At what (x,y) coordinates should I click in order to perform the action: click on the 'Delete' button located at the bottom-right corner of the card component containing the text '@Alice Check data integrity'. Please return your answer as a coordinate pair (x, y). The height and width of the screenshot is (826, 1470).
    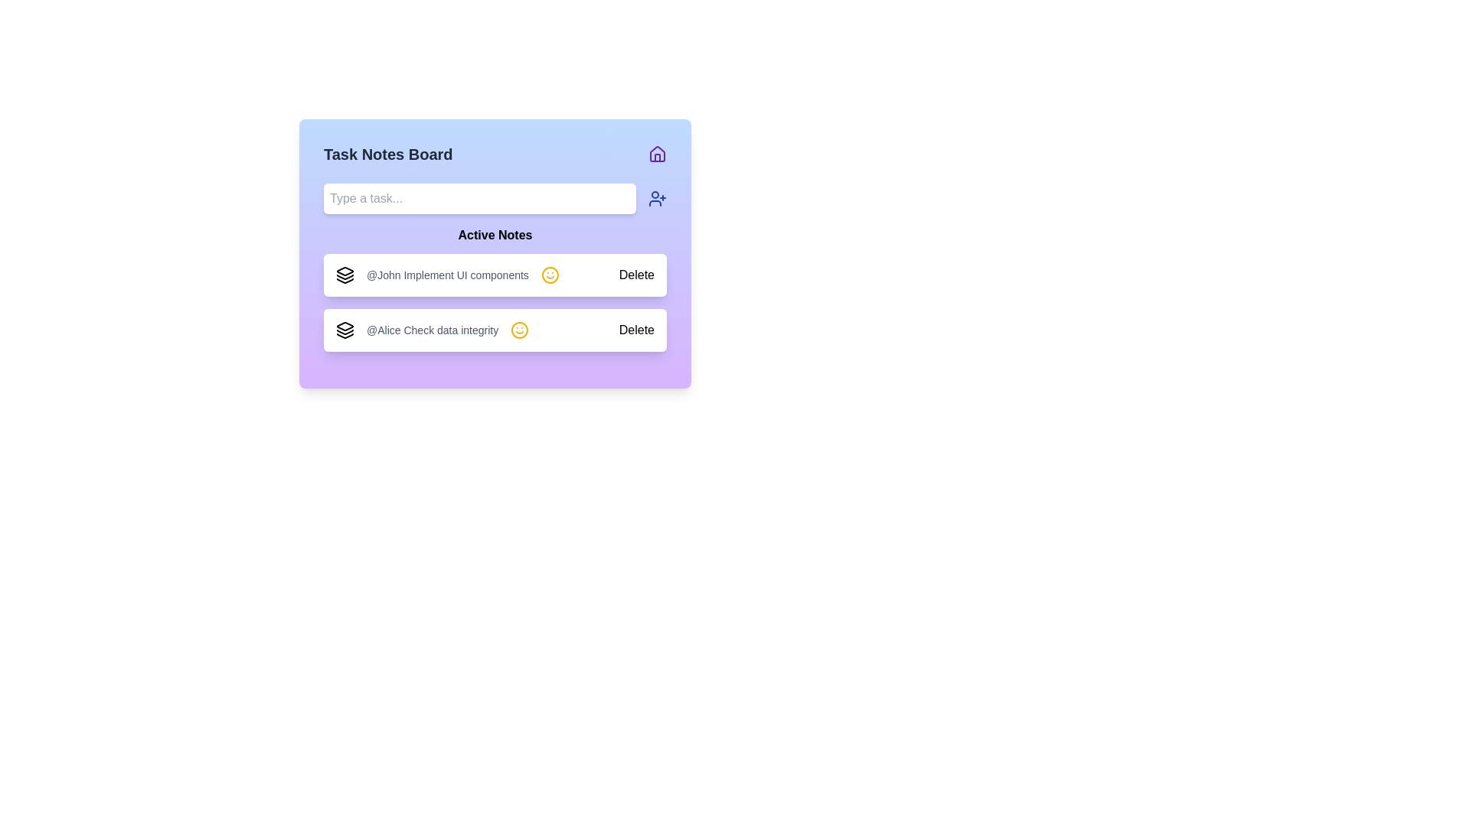
    Looking at the image, I should click on (636, 330).